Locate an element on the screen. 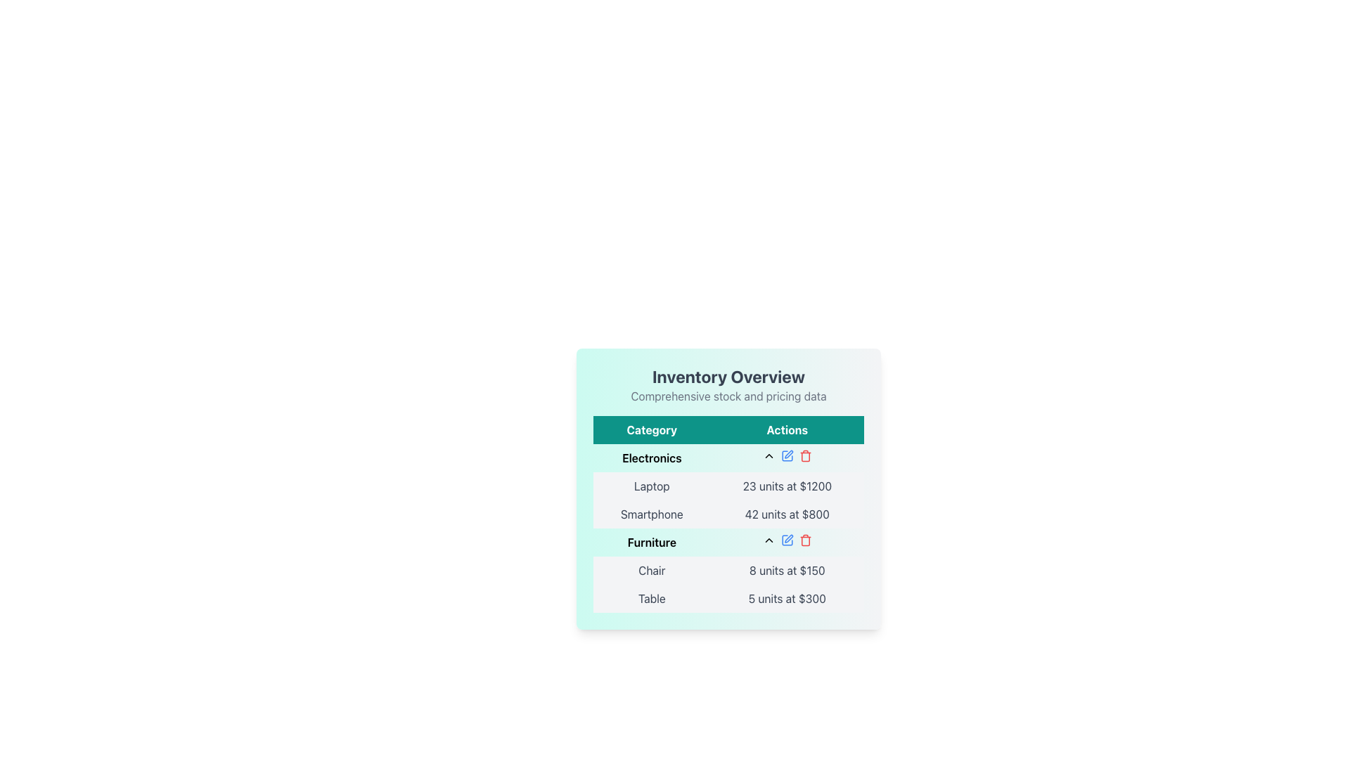 Image resolution: width=1350 pixels, height=759 pixels. the edit icon within the group of icons located to the right of the 'Electronics' text in the 'Actions' column of the table is located at coordinates (786, 455).